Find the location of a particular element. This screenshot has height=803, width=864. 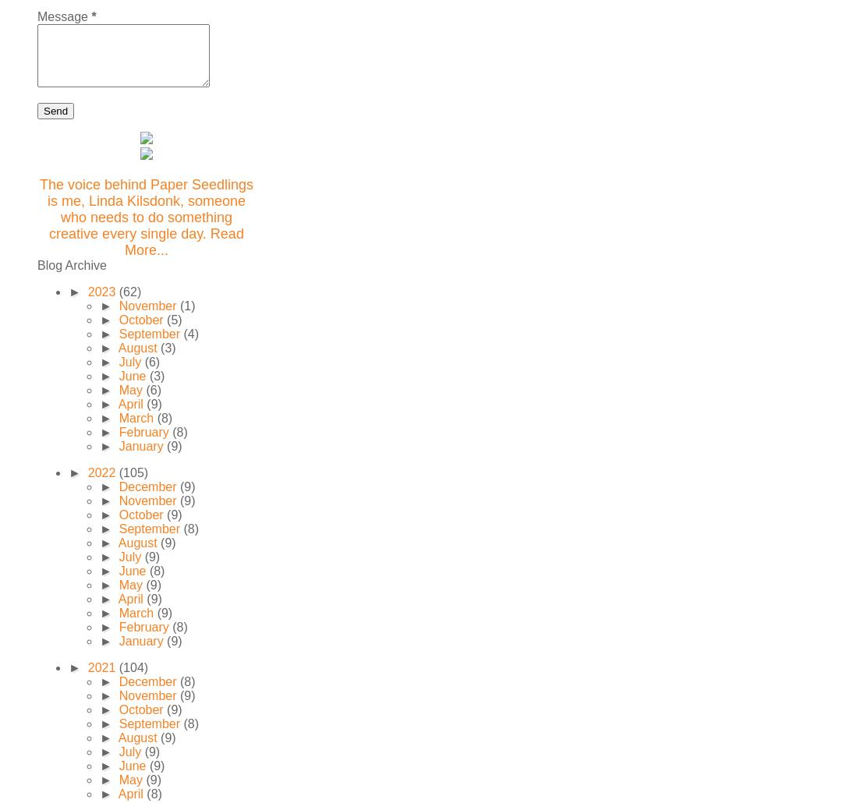

'The voice behind Paper Seedlings is me, Linda Kilsdonk, someone who needs to do something creative every single day.
Read More...' is located at coordinates (146, 217).